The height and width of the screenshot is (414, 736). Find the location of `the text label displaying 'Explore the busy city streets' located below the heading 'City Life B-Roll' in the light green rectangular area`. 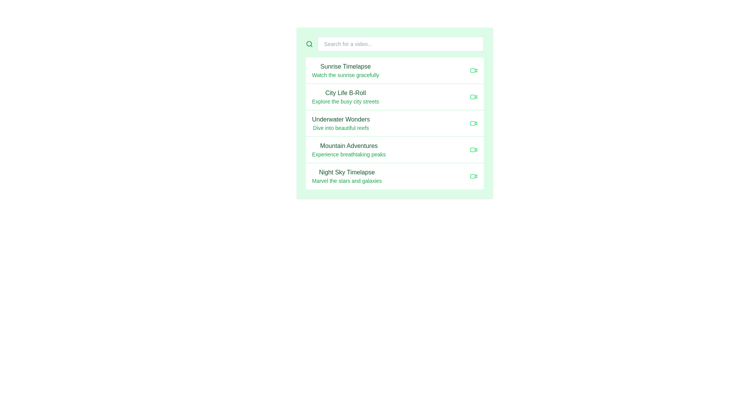

the text label displaying 'Explore the busy city streets' located below the heading 'City Life B-Roll' in the light green rectangular area is located at coordinates (345, 101).